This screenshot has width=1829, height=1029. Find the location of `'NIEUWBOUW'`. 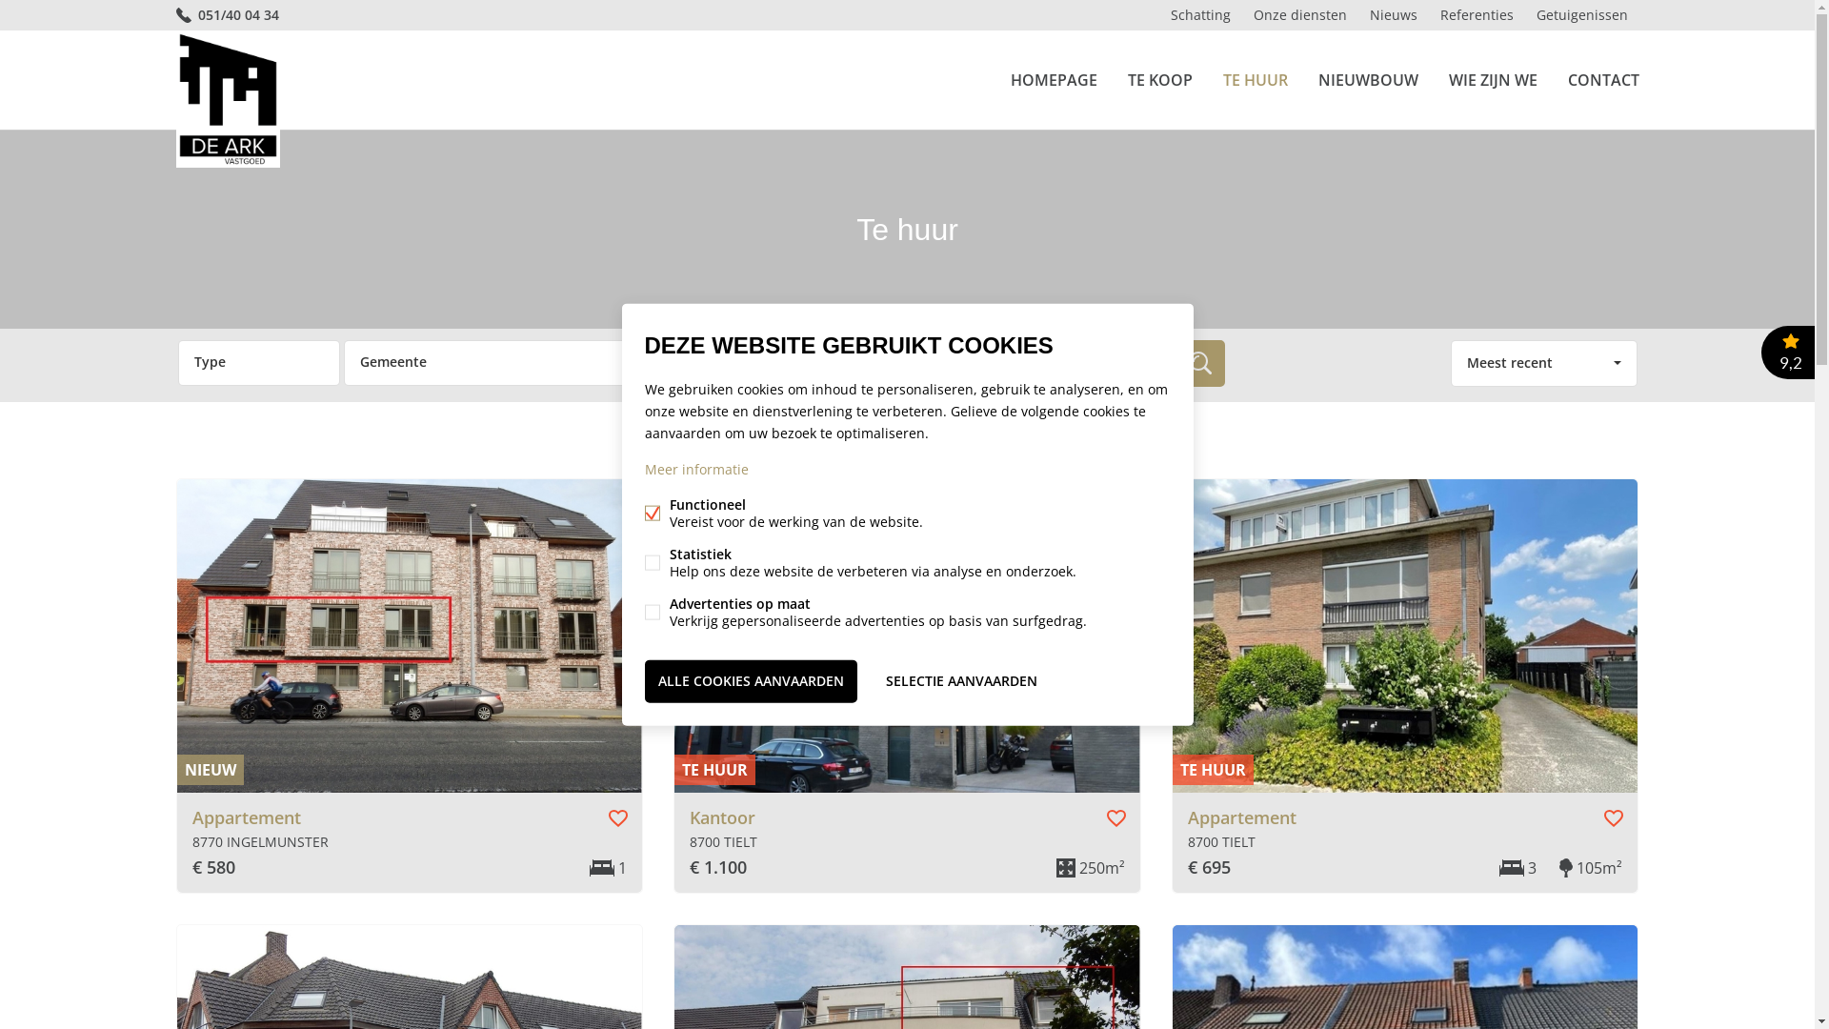

'NIEUWBOUW' is located at coordinates (1367, 79).